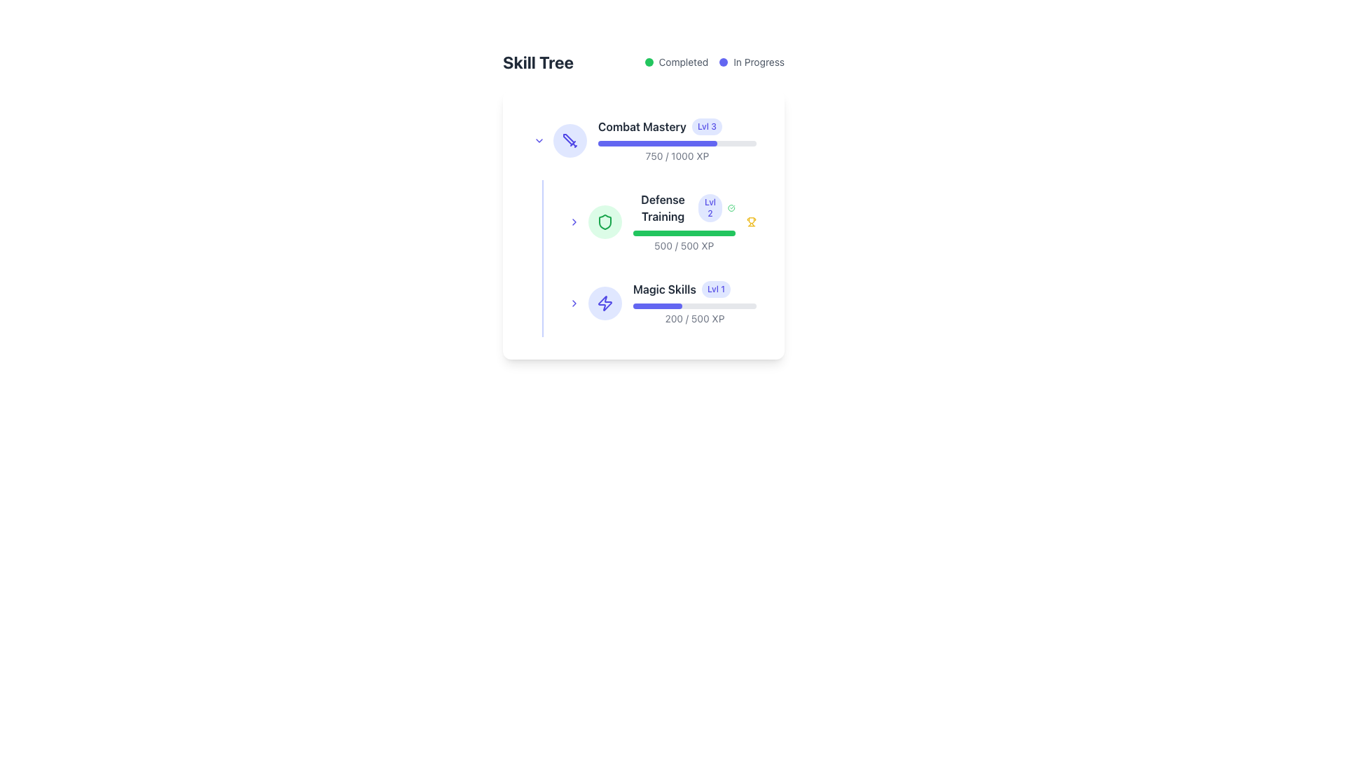 The width and height of the screenshot is (1345, 757). What do you see at coordinates (605, 302) in the screenshot?
I see `the lightning bolt-shaped icon, which is styled with a thin outline and a vivid blue color, located in the lower section of the skill tree interface next to 'Magic Skills', as a visual guide to the related skill` at bounding box center [605, 302].